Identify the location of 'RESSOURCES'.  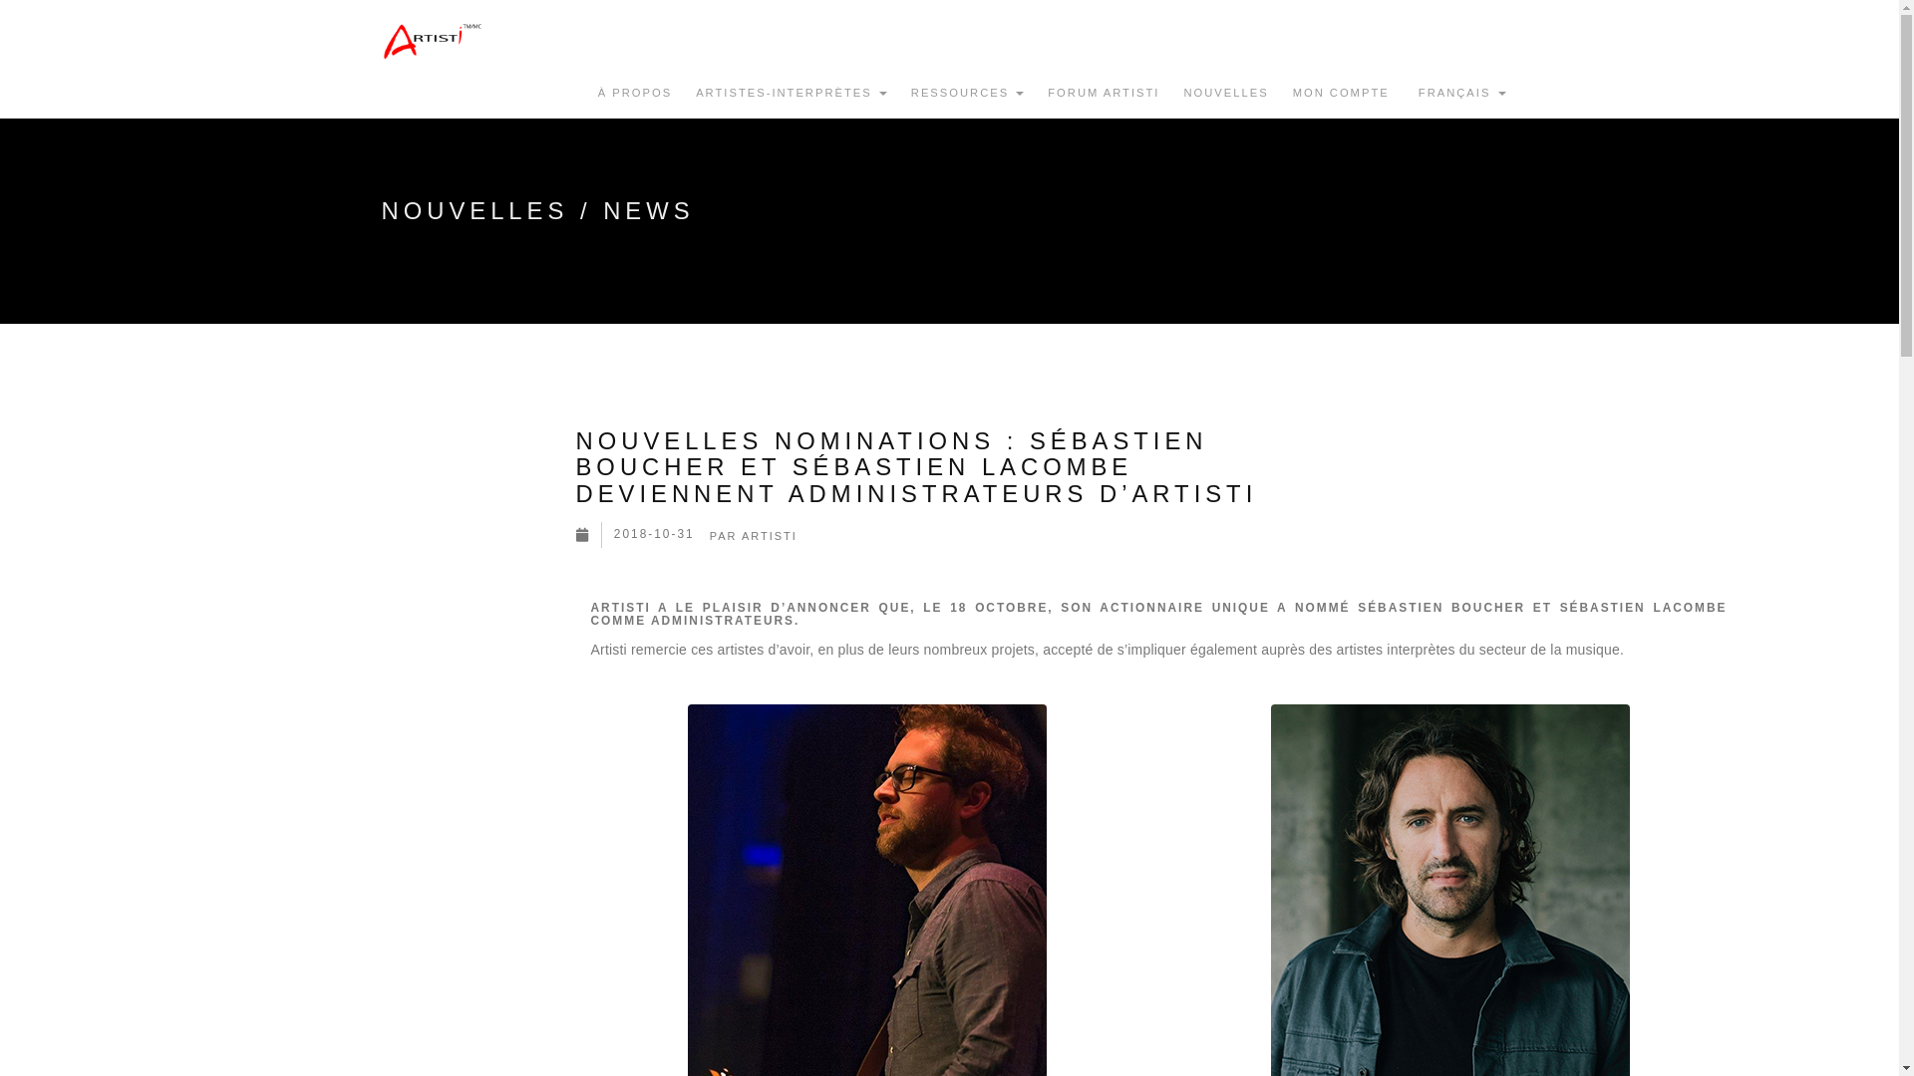
(967, 92).